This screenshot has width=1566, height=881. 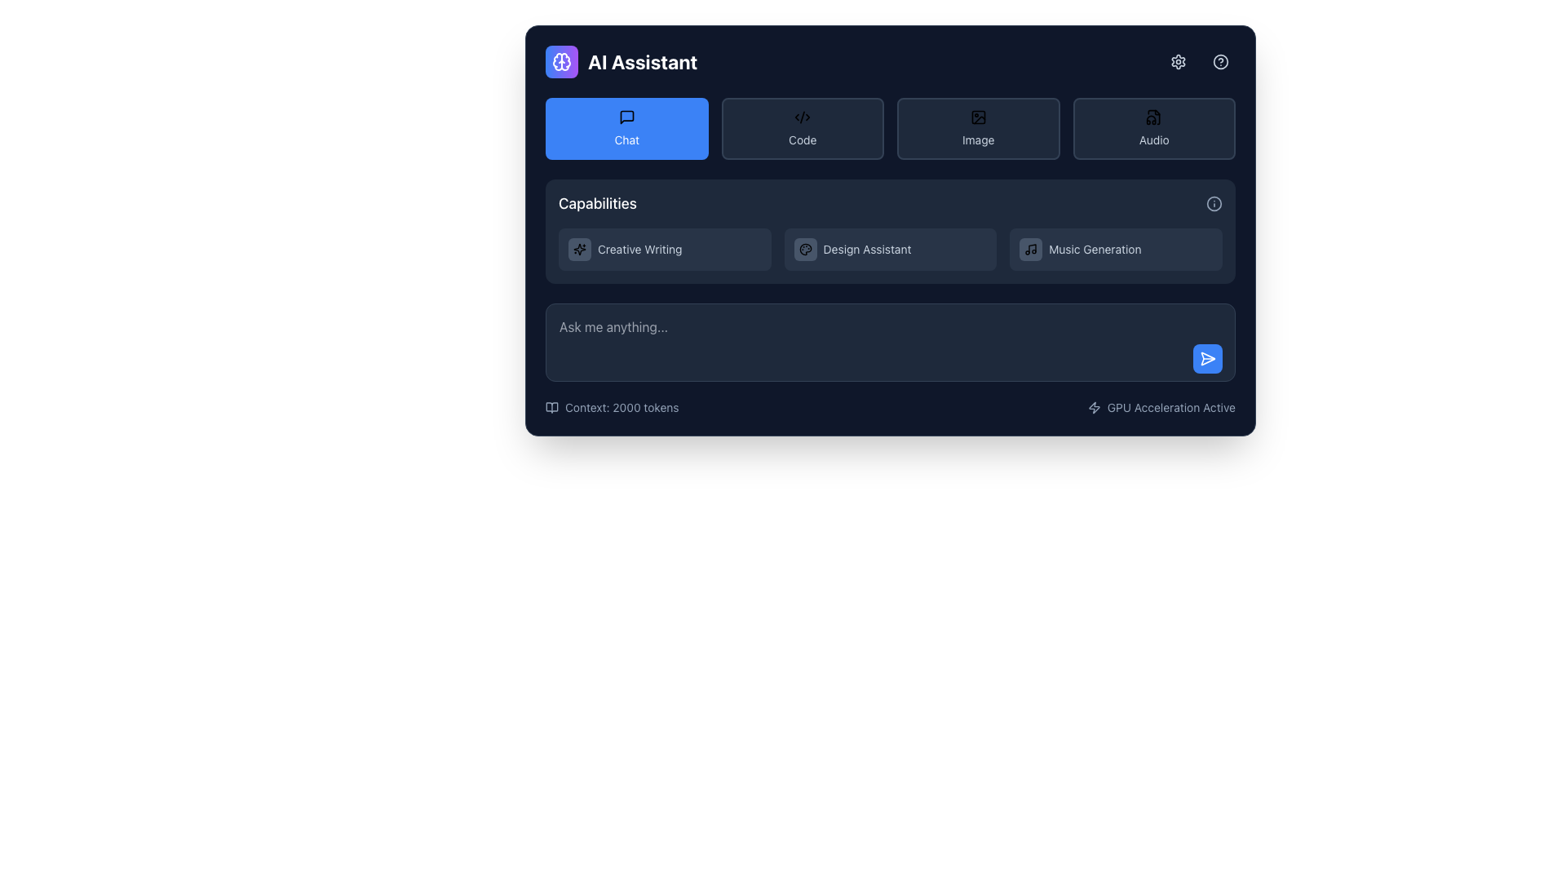 What do you see at coordinates (805, 249) in the screenshot?
I see `the 'Design Assistant' button located in the top middle section of the interface under the 'Capabilities' header` at bounding box center [805, 249].